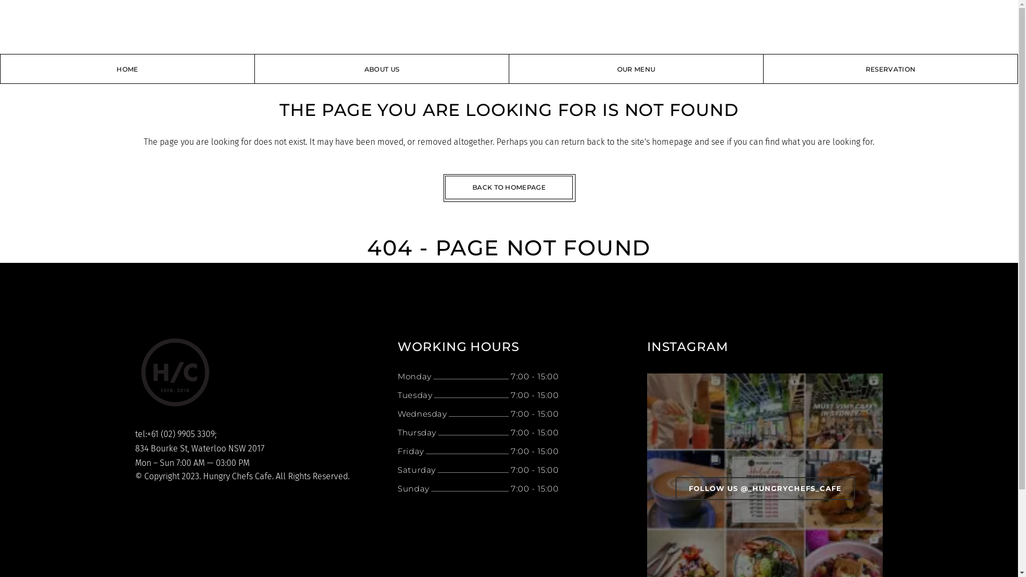 The height and width of the screenshot is (577, 1026). What do you see at coordinates (382, 70) in the screenshot?
I see `'ABOUT US'` at bounding box center [382, 70].